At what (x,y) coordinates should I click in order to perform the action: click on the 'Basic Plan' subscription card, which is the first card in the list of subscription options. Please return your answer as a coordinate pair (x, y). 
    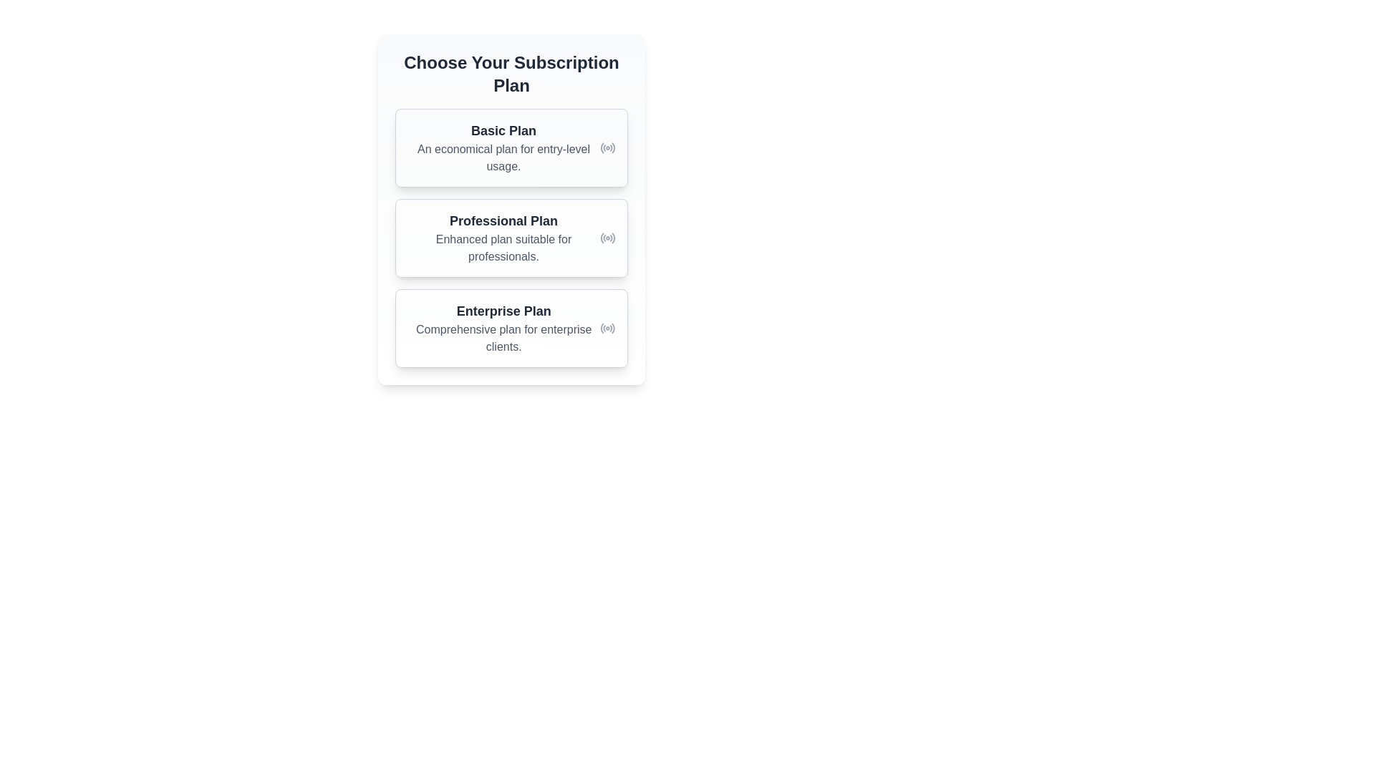
    Looking at the image, I should click on (511, 148).